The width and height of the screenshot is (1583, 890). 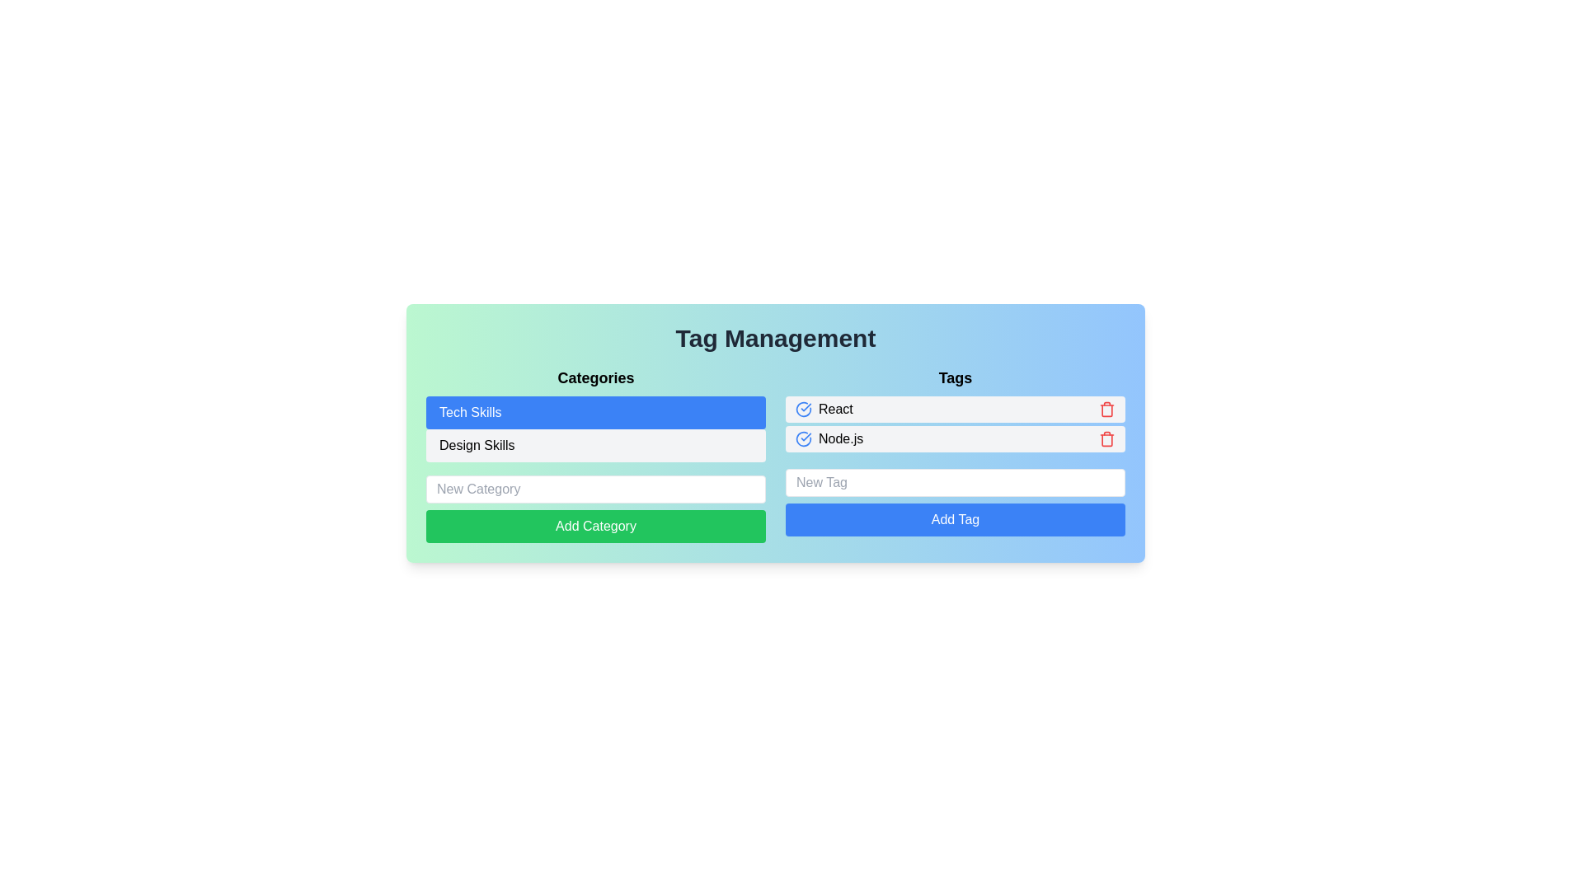 I want to click on the Text Label that serves as a section heading for tag management functionalities, located in the upper-right part of the interface, so click(x=955, y=378).